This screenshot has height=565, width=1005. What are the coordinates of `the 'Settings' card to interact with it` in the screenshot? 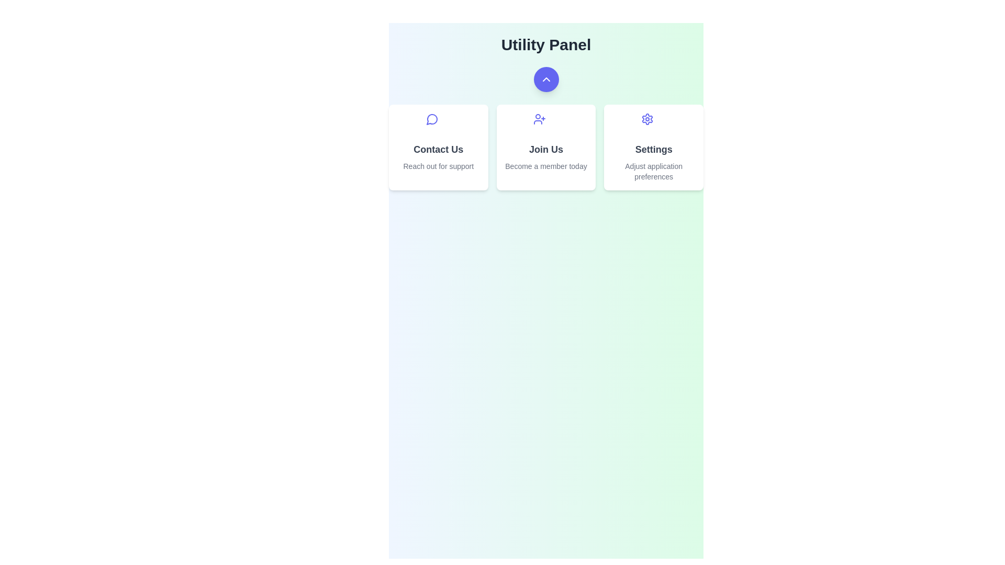 It's located at (653, 147).